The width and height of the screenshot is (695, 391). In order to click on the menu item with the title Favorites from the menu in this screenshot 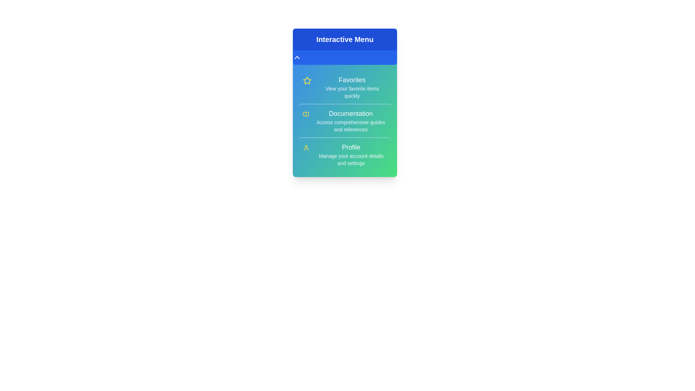, I will do `click(345, 87)`.